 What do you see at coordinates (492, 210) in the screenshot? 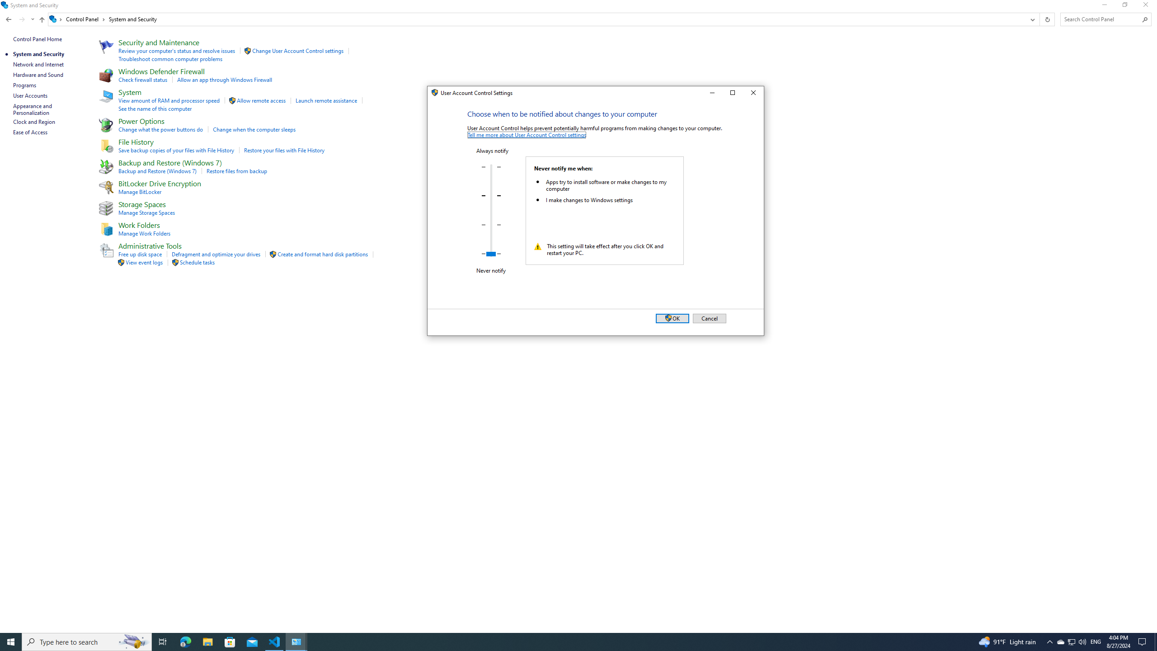
I see `'Notification level:'` at bounding box center [492, 210].